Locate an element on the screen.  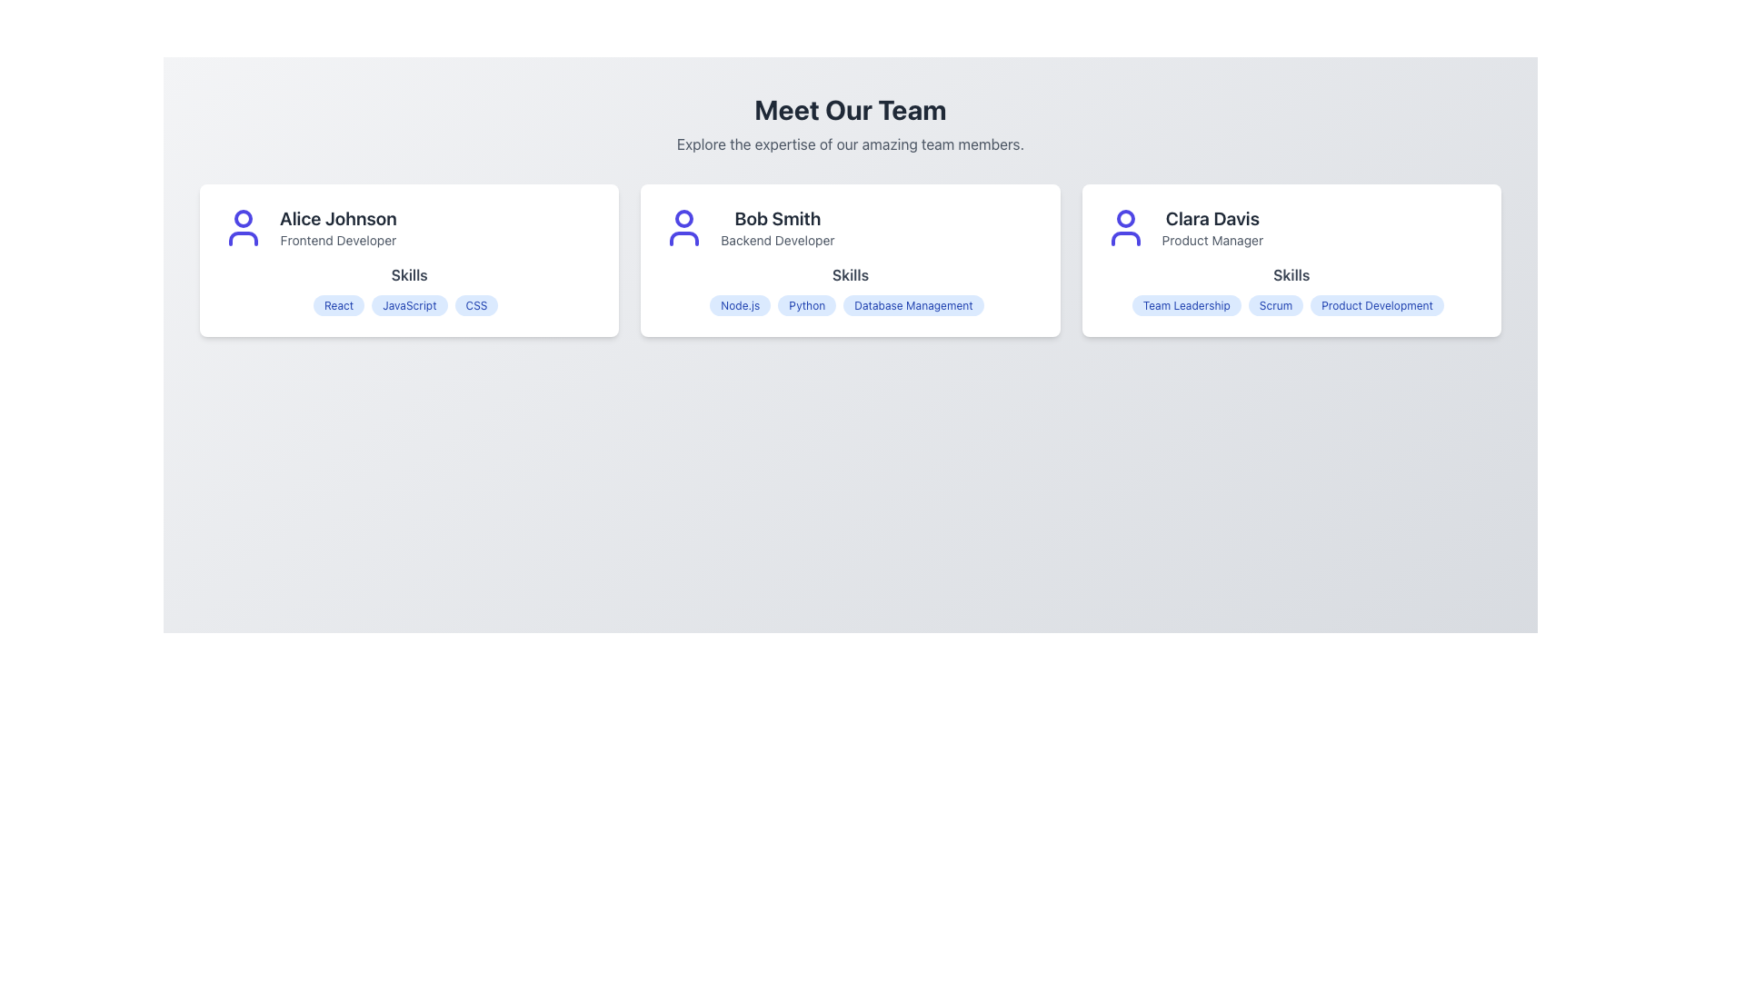
the 'CSS' badge, which is a small rounded badge with bold blue text on a light blue background, located under the 'Skills' section for 'Alice Johnson, Frontend Developer' is located at coordinates (476, 304).